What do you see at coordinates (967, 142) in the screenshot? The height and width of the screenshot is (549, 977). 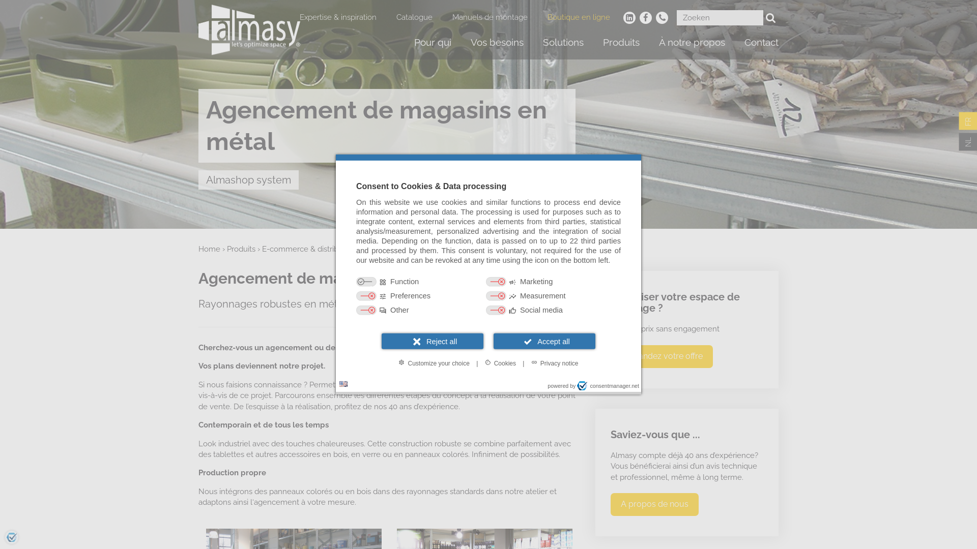 I see `'NL'` at bounding box center [967, 142].